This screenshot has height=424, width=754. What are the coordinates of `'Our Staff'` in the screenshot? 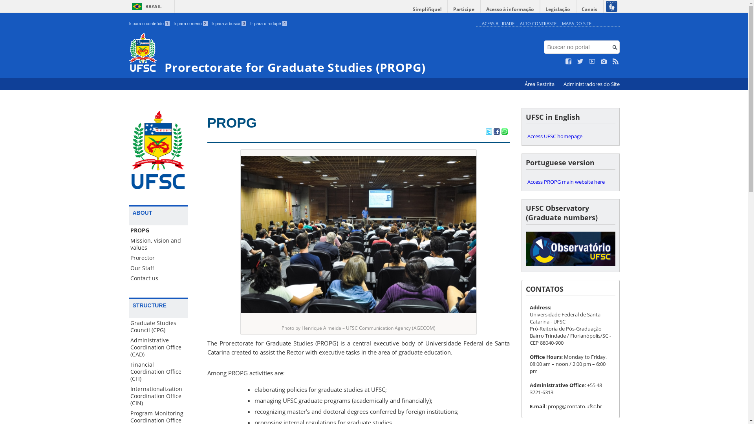 It's located at (158, 267).